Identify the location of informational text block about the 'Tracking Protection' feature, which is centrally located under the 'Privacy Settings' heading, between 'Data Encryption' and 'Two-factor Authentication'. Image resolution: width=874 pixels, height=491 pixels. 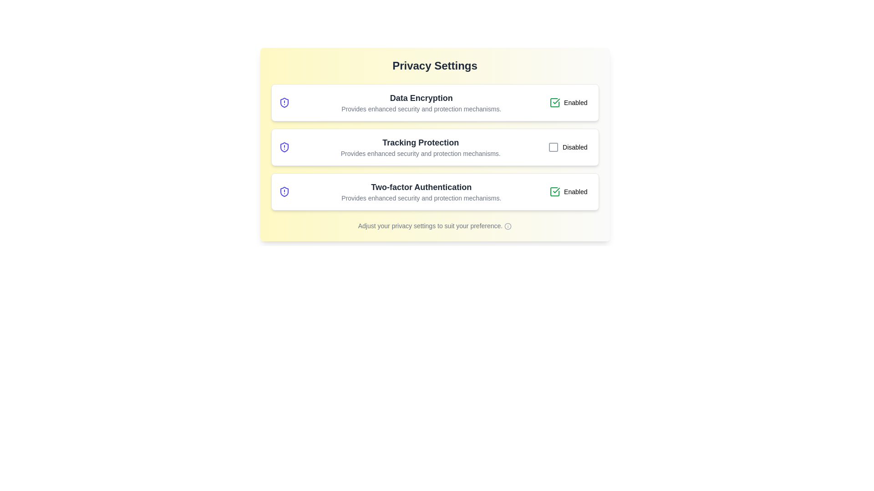
(420, 147).